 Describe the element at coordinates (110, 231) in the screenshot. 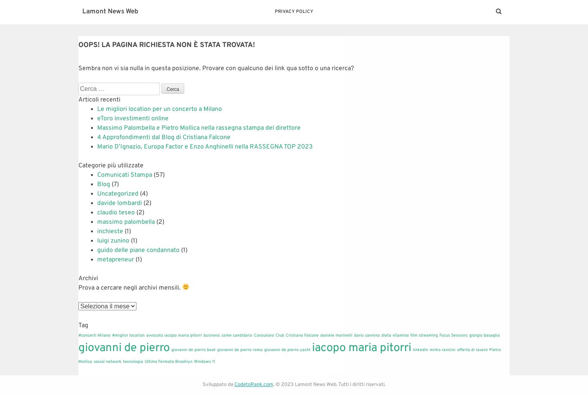

I see `'inchieste'` at that location.